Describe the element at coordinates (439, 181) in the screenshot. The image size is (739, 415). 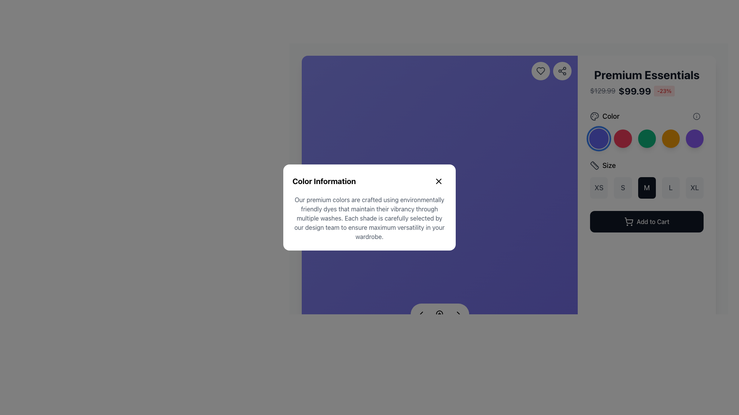
I see `the close button located in the top-right corner of the 'Color Information' pop-up` at that location.